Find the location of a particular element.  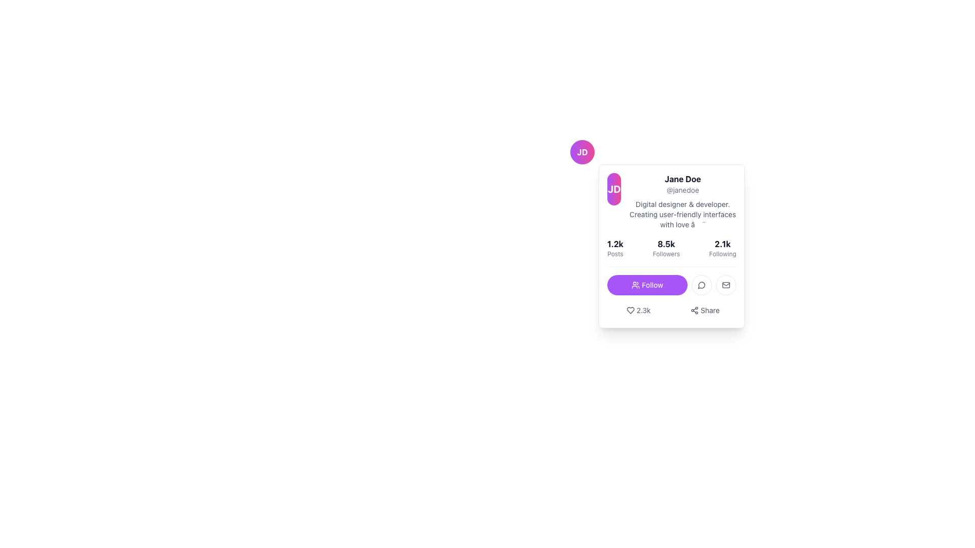

the circular avatar or profile picture displaying the initials 'JD' in bold white text, located in the top-left area of the user profile card is located at coordinates (582, 152).